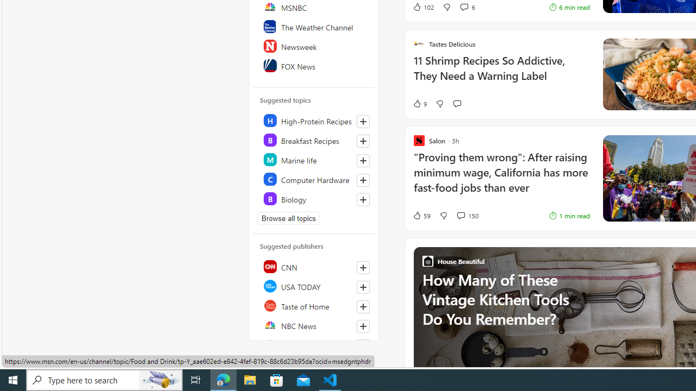 The image size is (696, 391). What do you see at coordinates (421, 216) in the screenshot?
I see `'59 Like'` at bounding box center [421, 216].